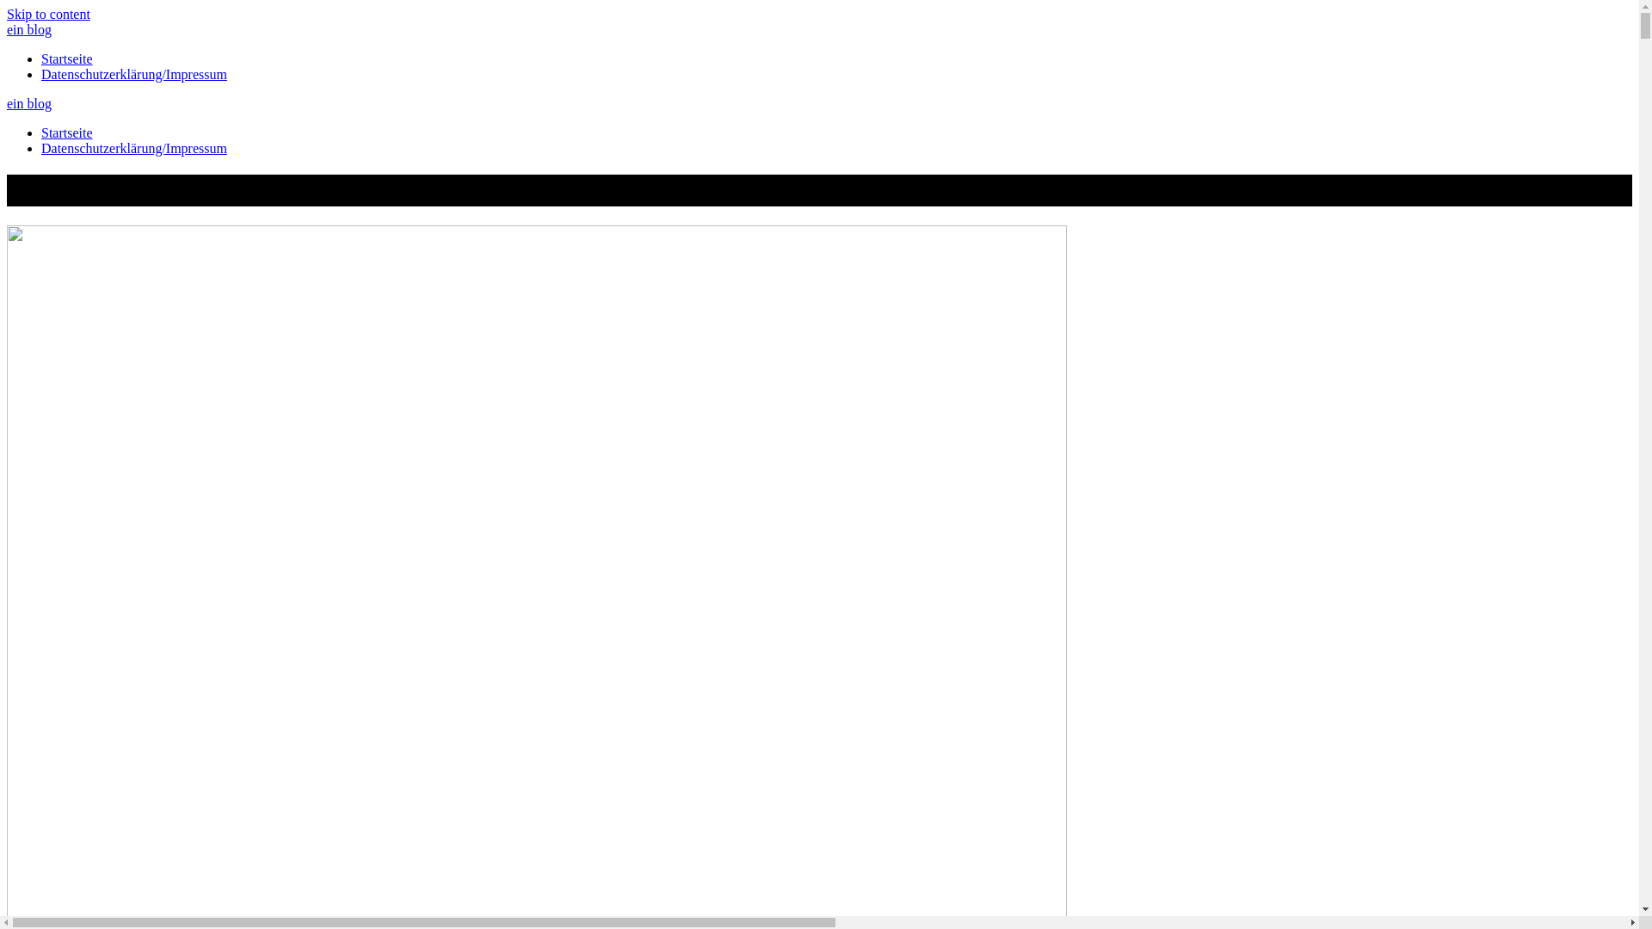 This screenshot has height=929, width=1652. What do you see at coordinates (28, 29) in the screenshot?
I see `'ein blog'` at bounding box center [28, 29].